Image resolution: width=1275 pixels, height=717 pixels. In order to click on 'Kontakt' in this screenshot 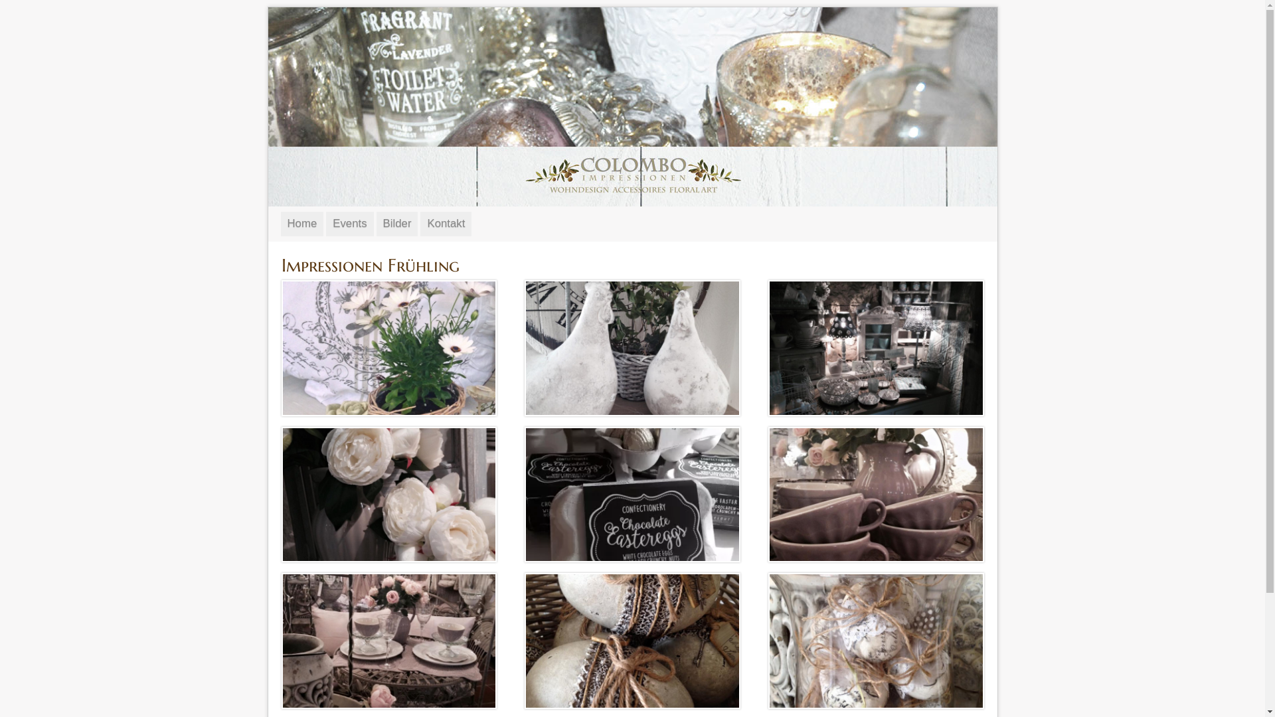, I will do `click(446, 223)`.